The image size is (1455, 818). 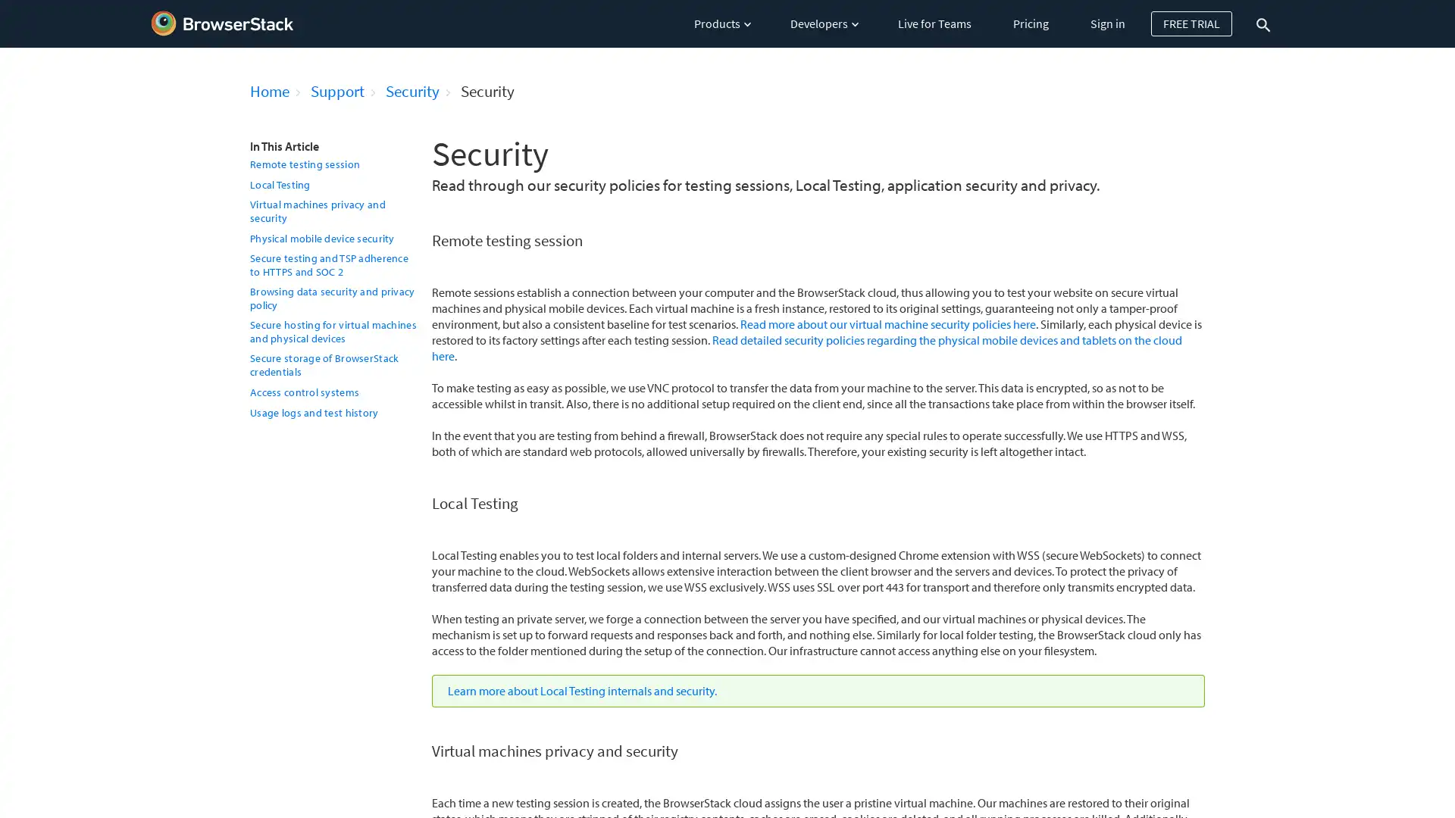 I want to click on Skip to main content, so click(x=2, y=6).